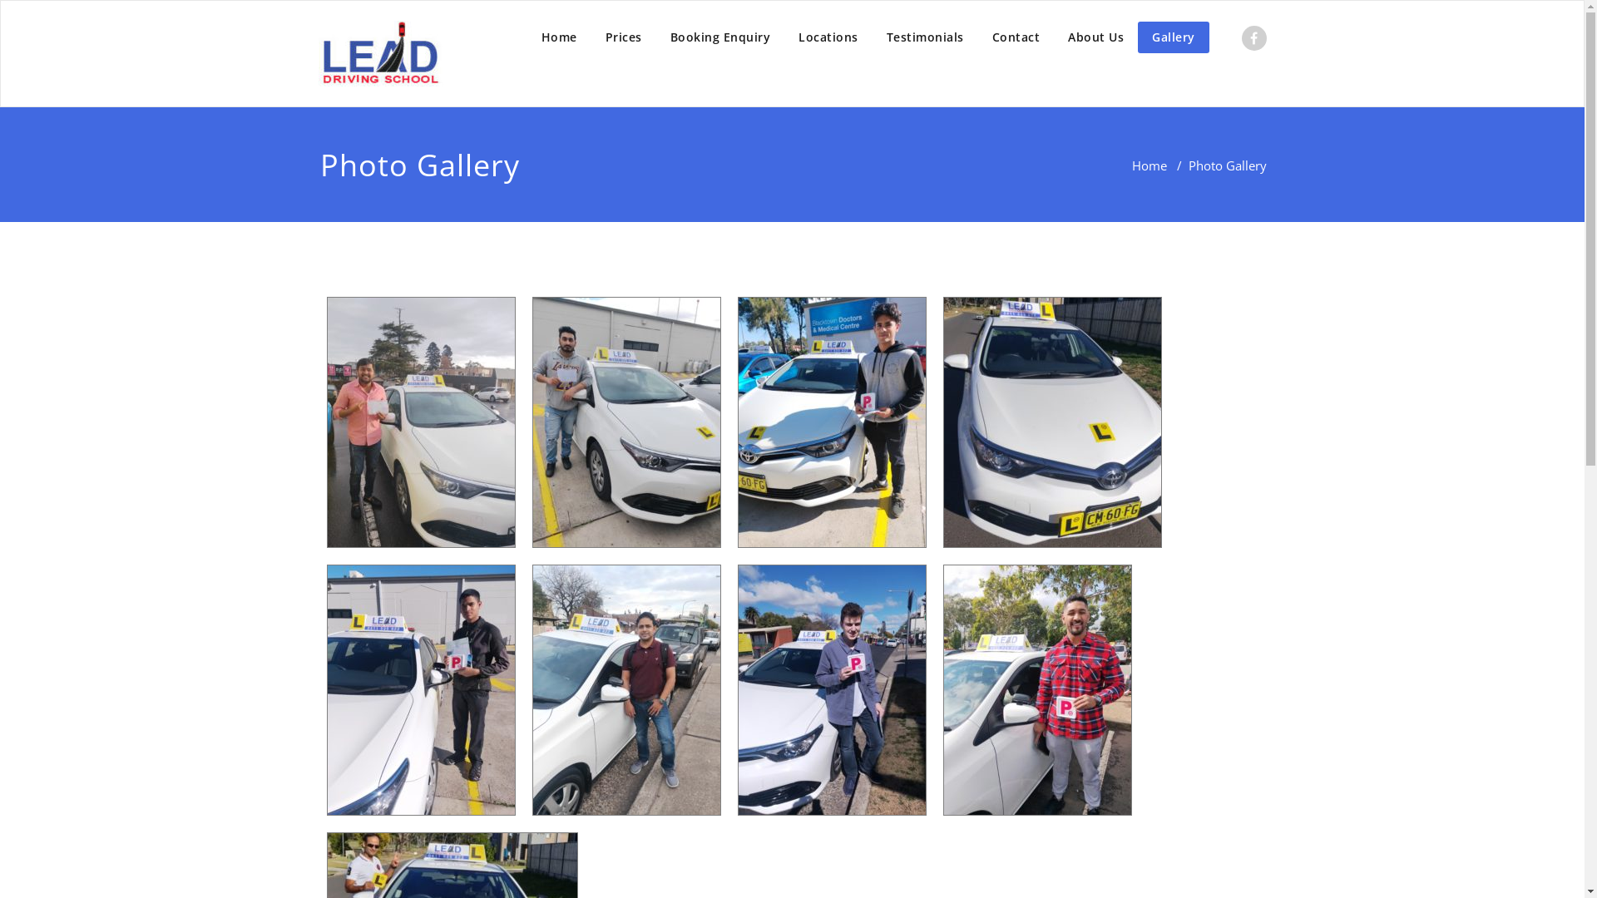 This screenshot has height=898, width=1597. I want to click on 'Contact', so click(1016, 37).